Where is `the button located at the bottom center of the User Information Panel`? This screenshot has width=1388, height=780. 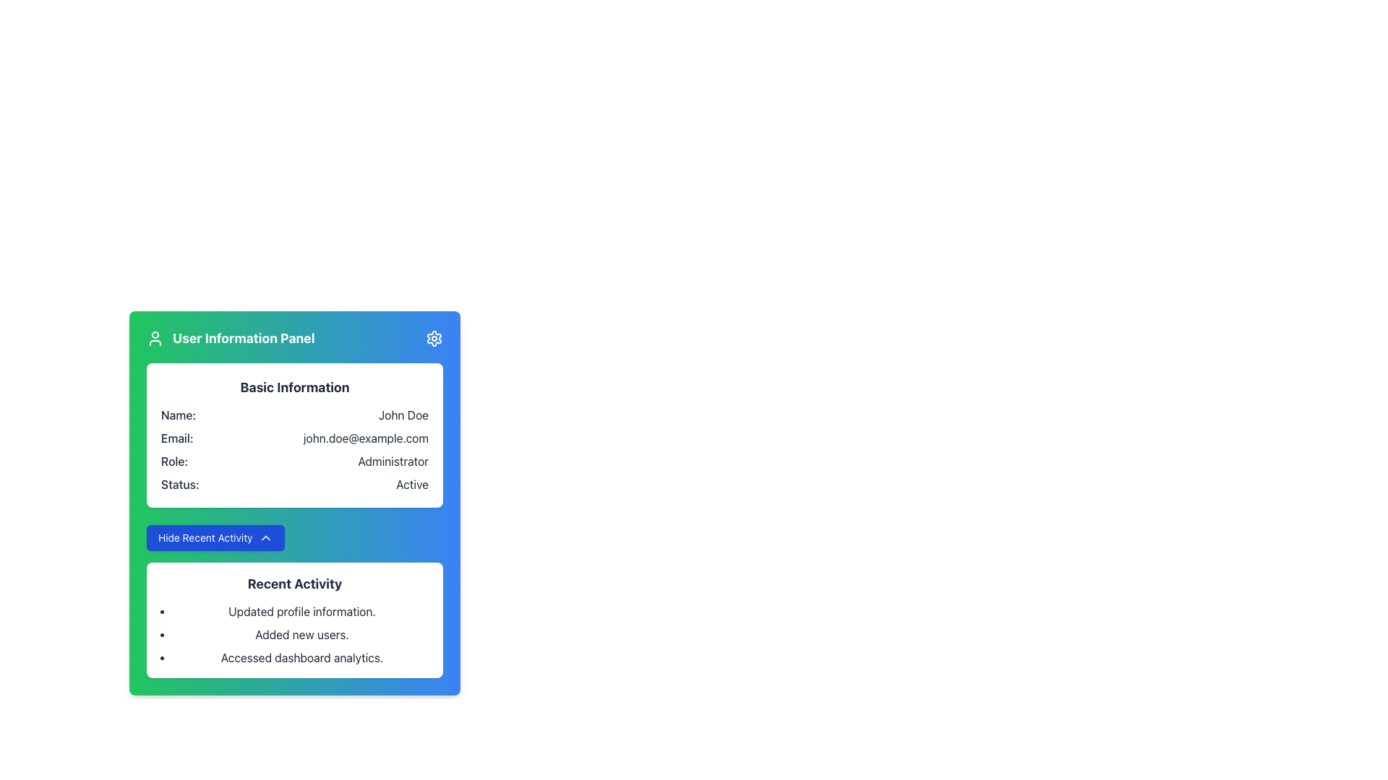 the button located at the bottom center of the User Information Panel is located at coordinates (215, 537).